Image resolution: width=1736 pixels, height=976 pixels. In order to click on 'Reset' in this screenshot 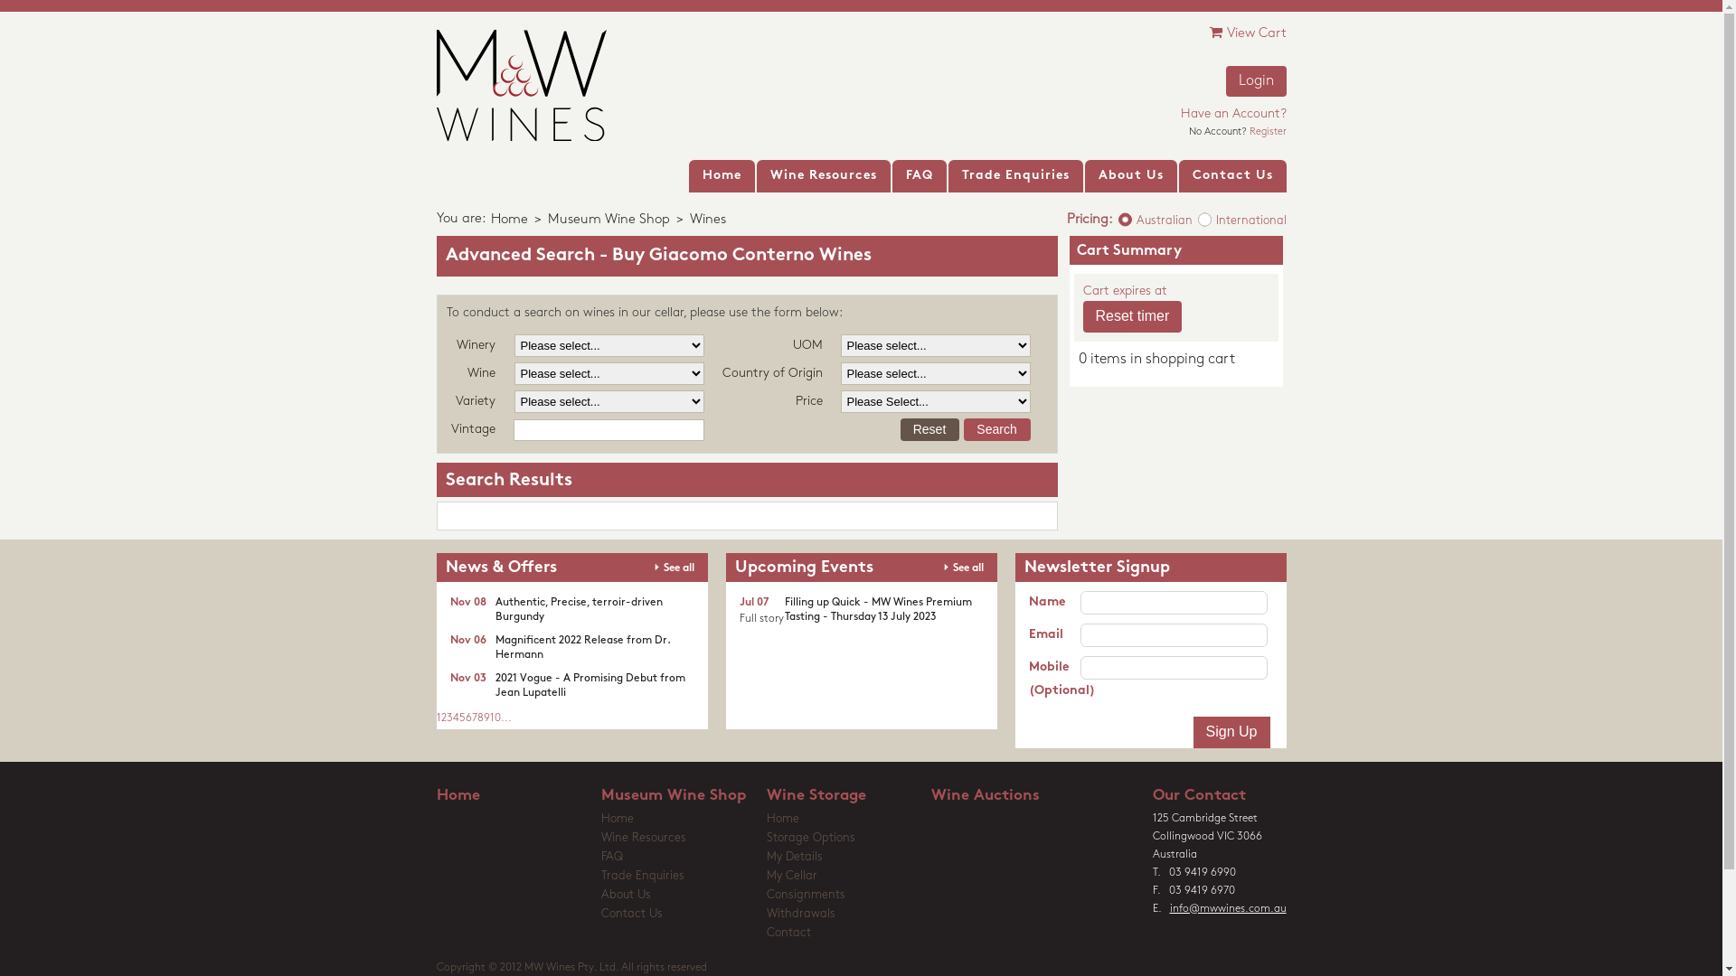, I will do `click(929, 429)`.